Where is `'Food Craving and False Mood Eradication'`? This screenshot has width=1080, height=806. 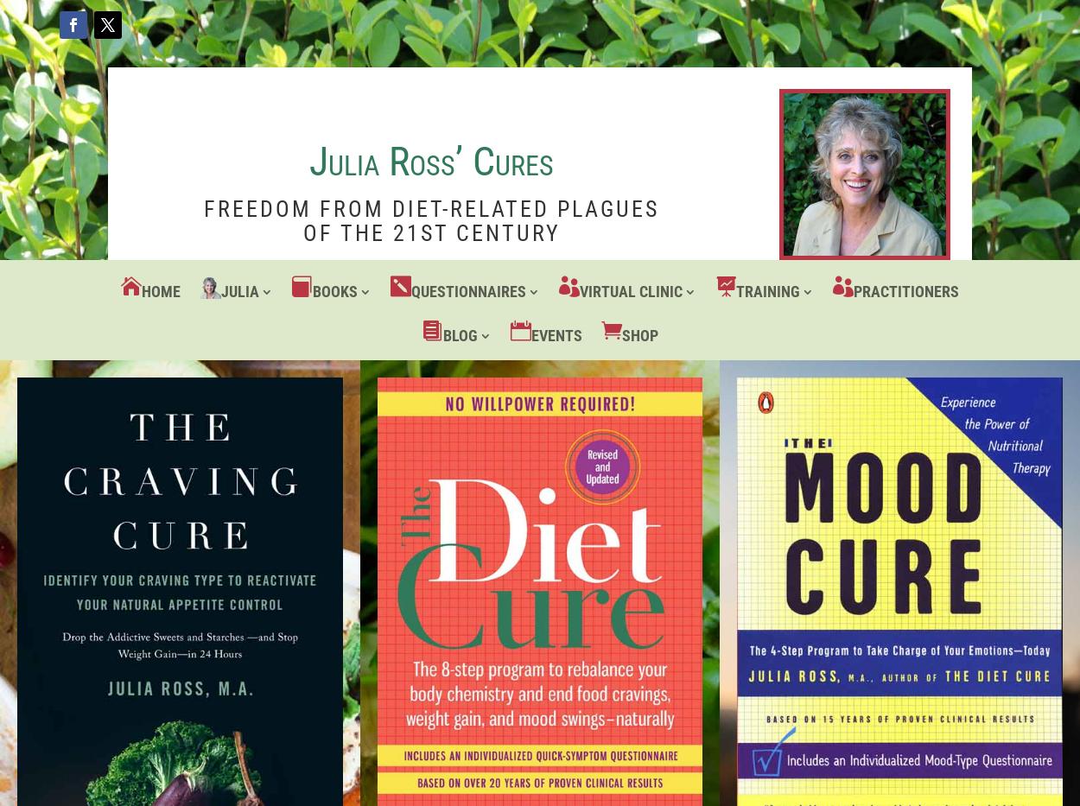 'Food Craving and False Mood Eradication' is located at coordinates (648, 378).